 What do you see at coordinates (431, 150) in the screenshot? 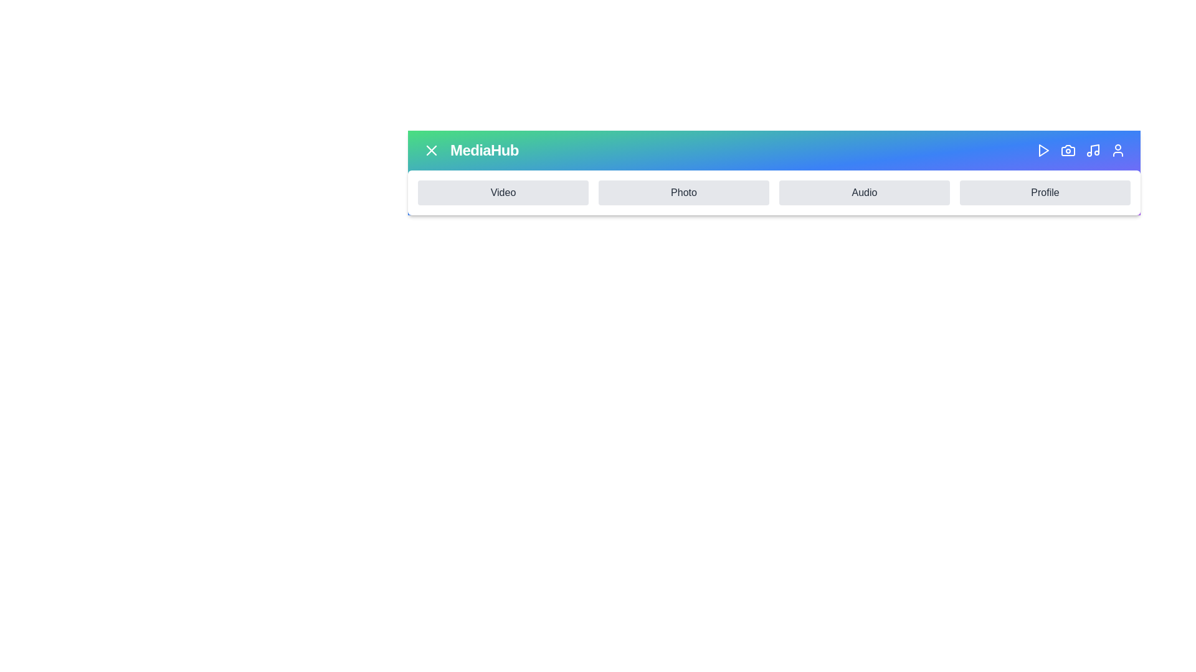
I see `button containing the 'X' or 'Menu' icon to toggle the menu visibility` at bounding box center [431, 150].